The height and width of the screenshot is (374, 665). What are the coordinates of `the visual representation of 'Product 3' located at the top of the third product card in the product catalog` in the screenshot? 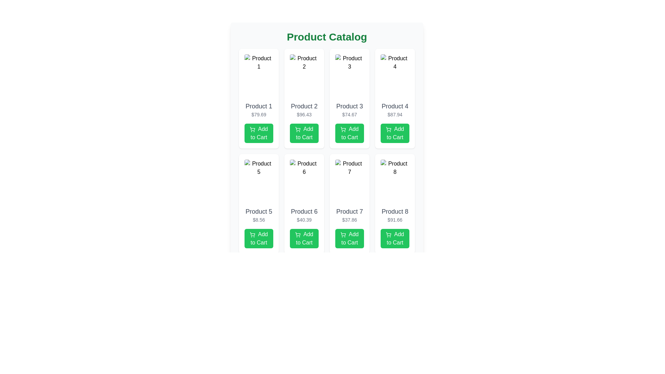 It's located at (349, 76).